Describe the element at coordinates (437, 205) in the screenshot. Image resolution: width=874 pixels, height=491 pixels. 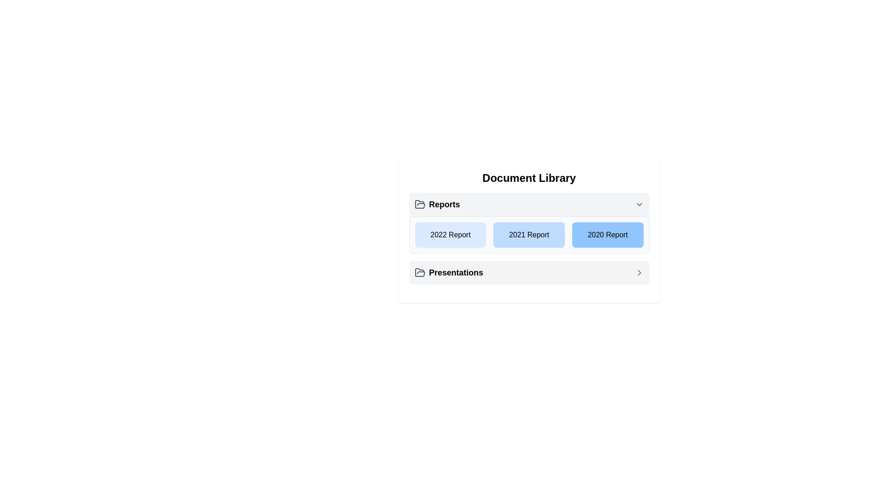
I see `the header element that combines text with an icon` at that location.